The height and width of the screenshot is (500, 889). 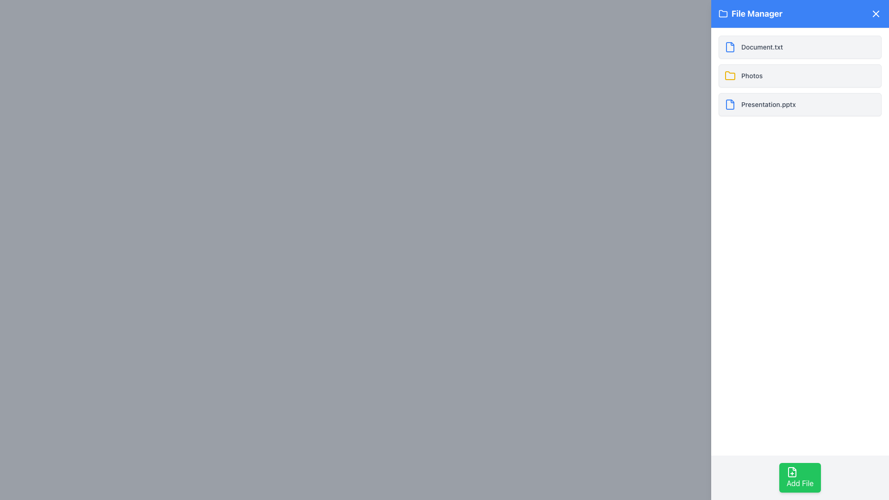 I want to click on the folder icon that represents the 'File Manager' application, located to the left of the title text in the header section, so click(x=722, y=14).